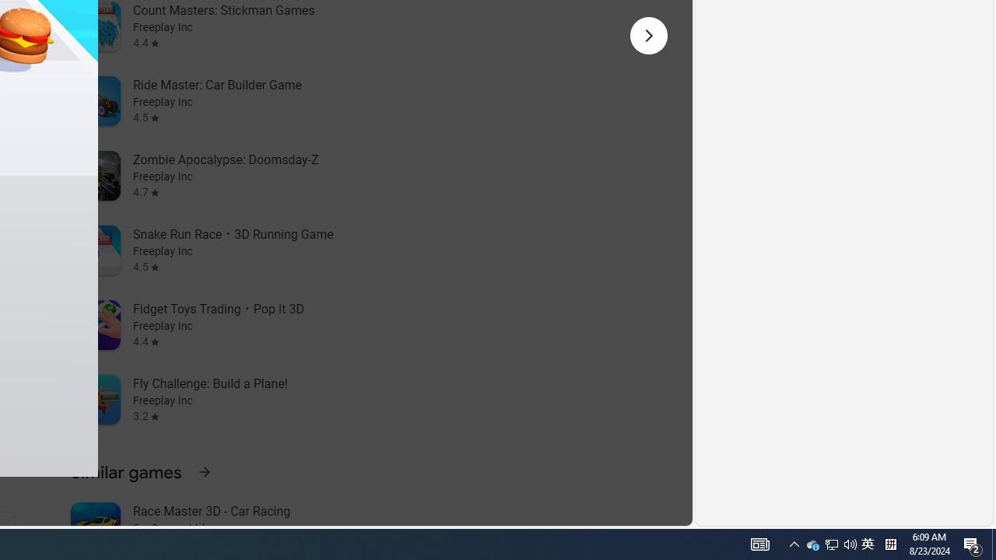 This screenshot has width=996, height=560. I want to click on 'Next', so click(648, 35).